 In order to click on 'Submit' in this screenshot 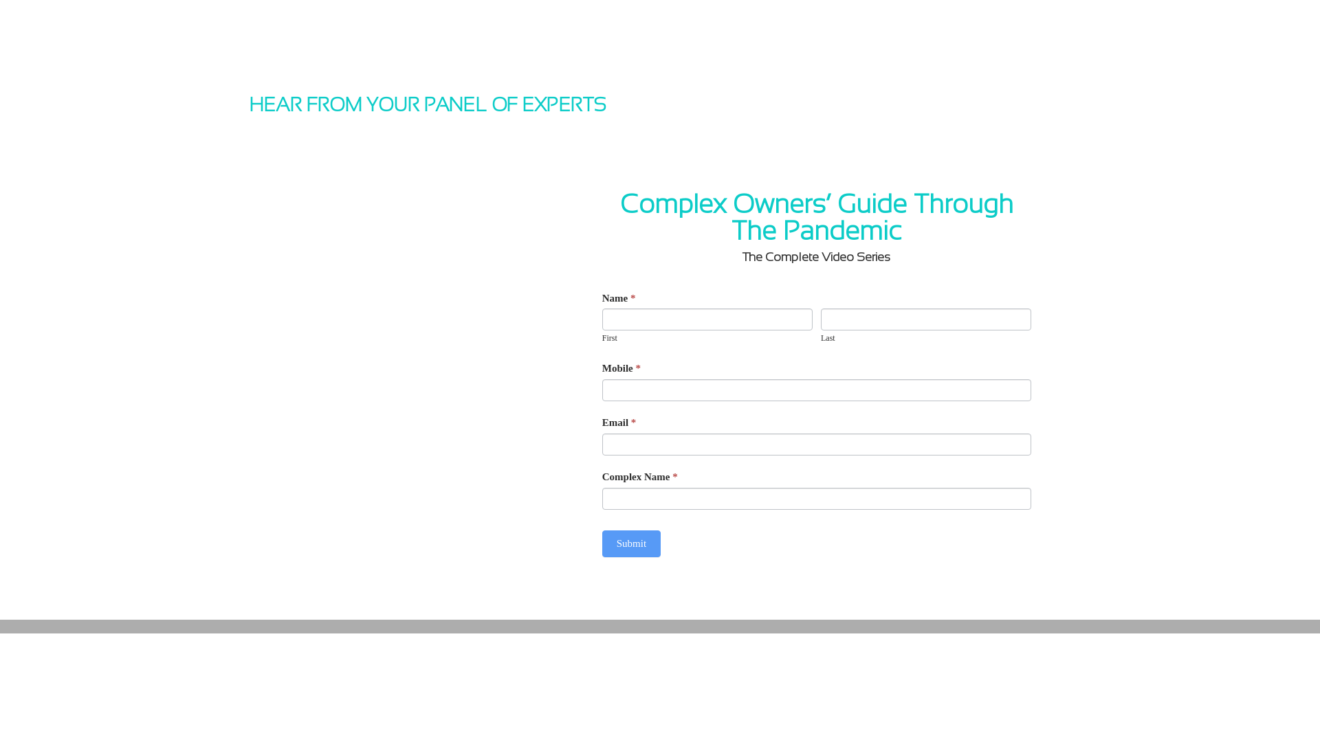, I will do `click(602, 543)`.